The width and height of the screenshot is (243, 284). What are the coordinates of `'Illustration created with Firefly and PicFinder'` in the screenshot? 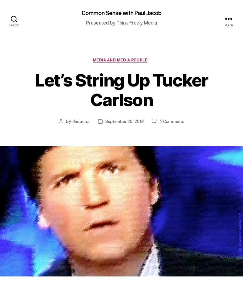 It's located at (126, 16).